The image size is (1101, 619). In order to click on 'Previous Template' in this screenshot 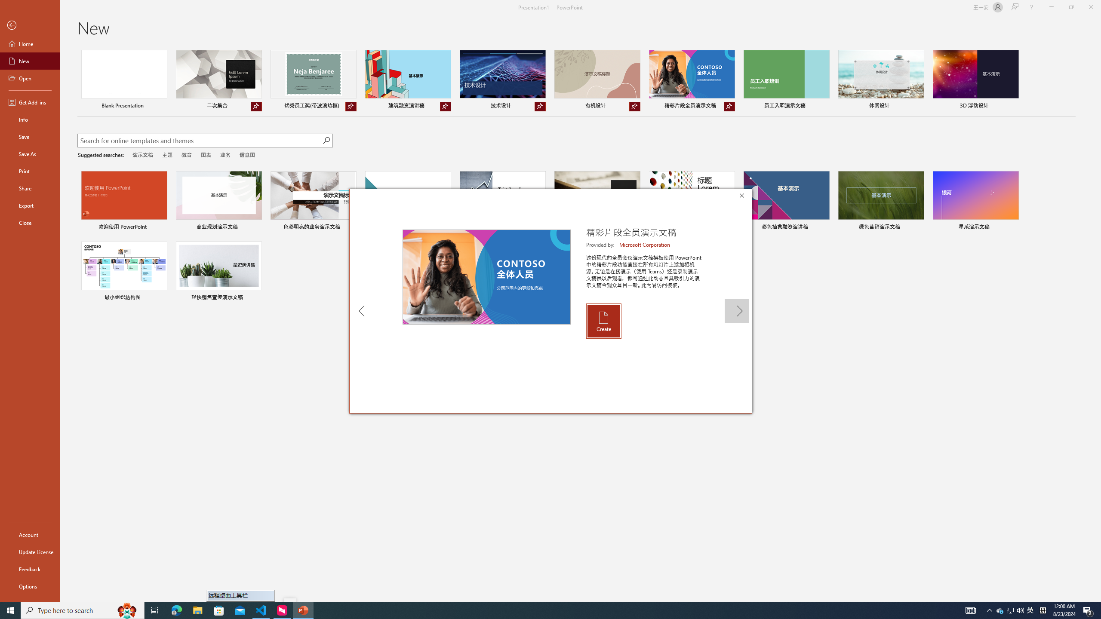, I will do `click(364, 311)`.